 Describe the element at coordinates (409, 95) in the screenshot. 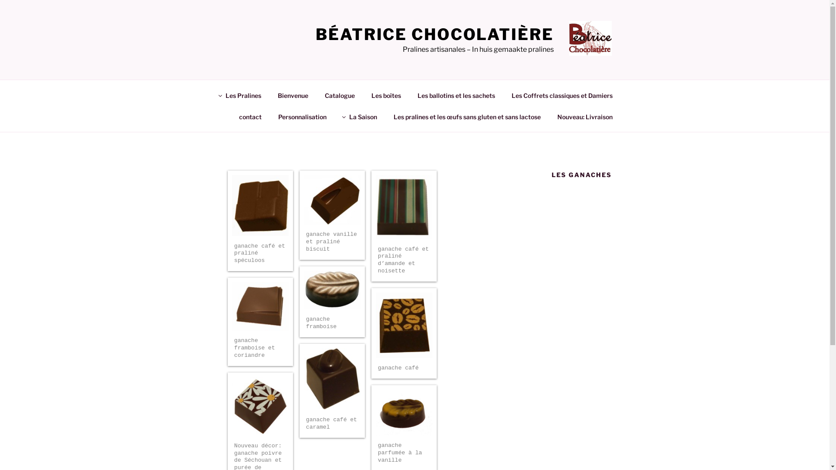

I see `'Les ballotins et les sachets'` at that location.